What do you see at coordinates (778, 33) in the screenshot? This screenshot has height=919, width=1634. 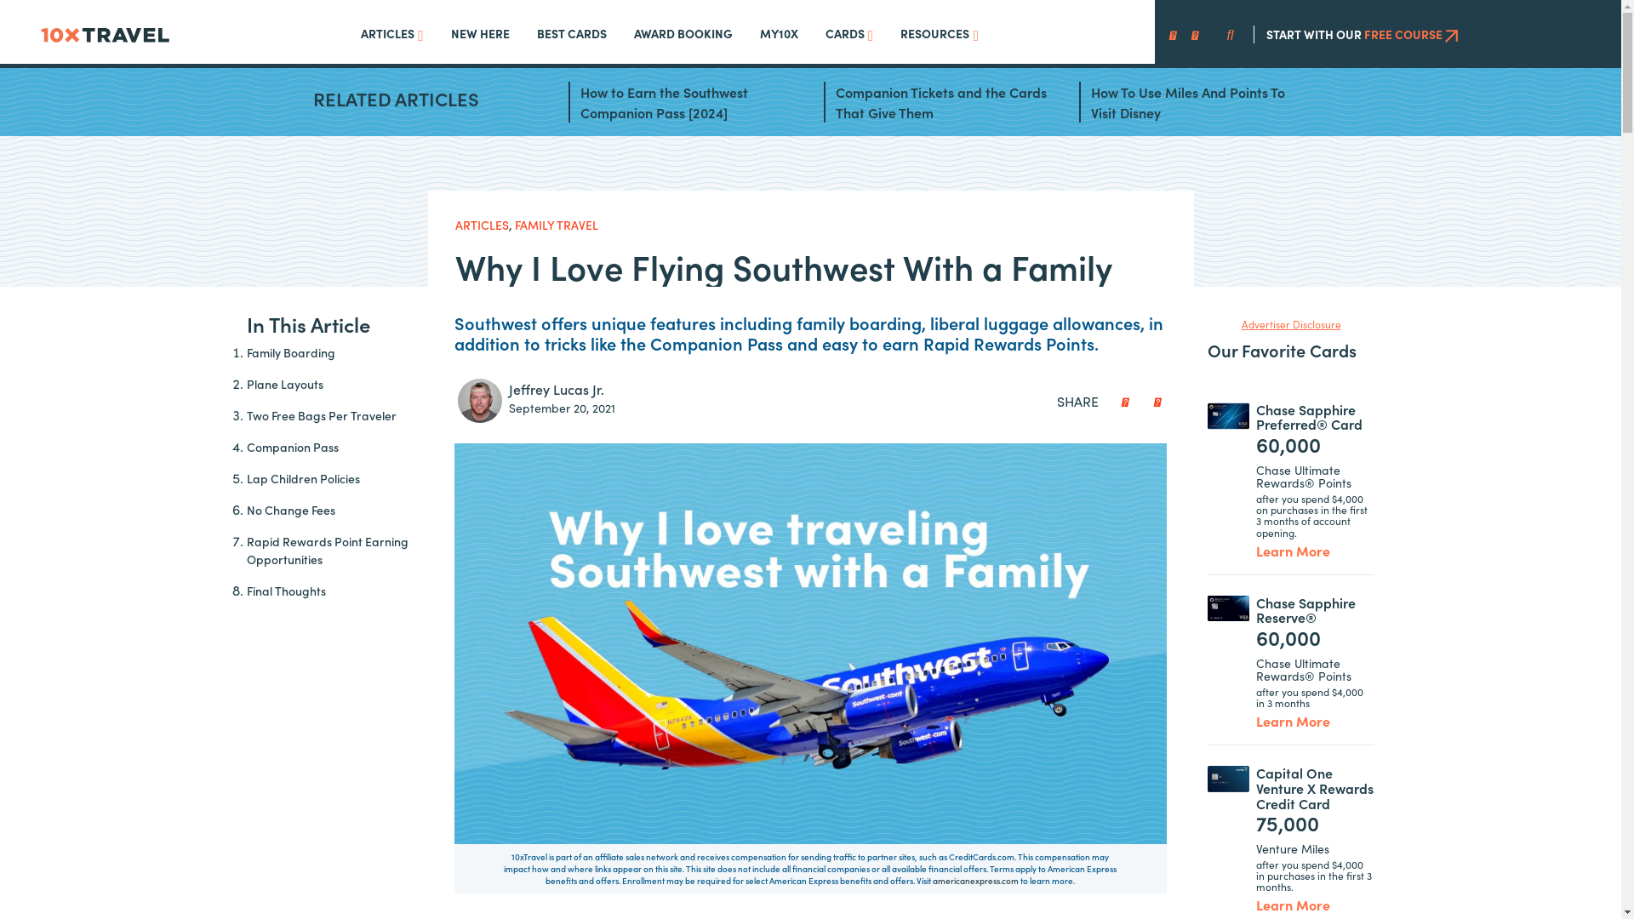 I see `'MY10X'` at bounding box center [778, 33].